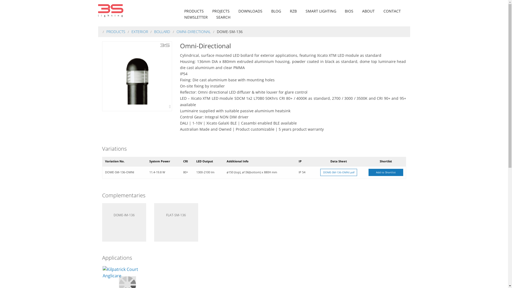 This screenshot has height=288, width=512. Describe the element at coordinates (381, 11) in the screenshot. I see `'CONTACT'` at that location.